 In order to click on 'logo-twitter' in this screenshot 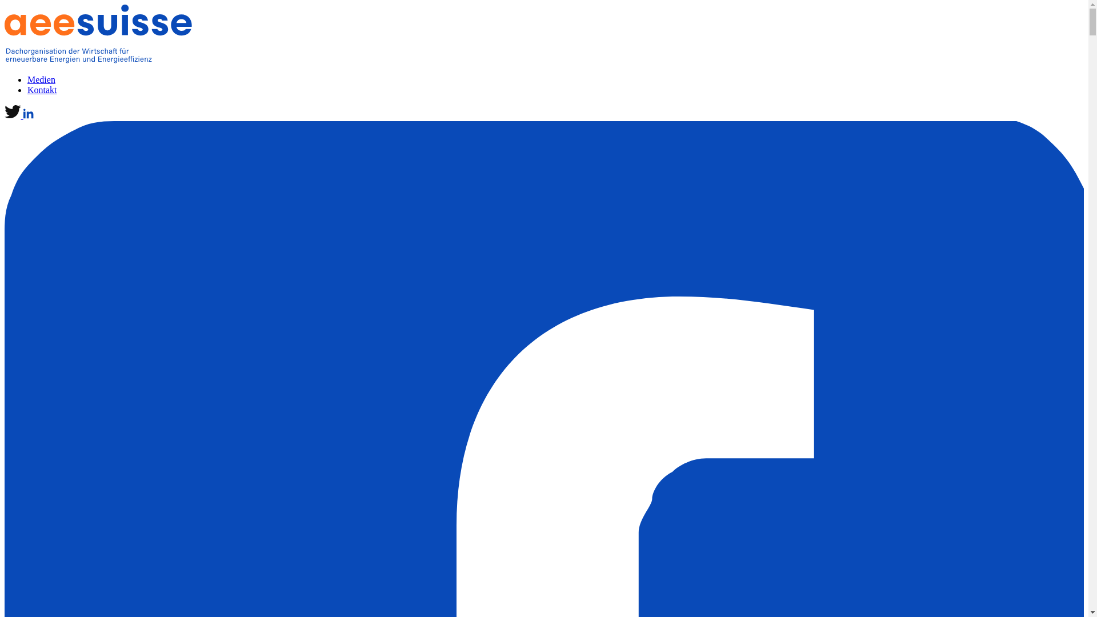, I will do `click(5, 115)`.